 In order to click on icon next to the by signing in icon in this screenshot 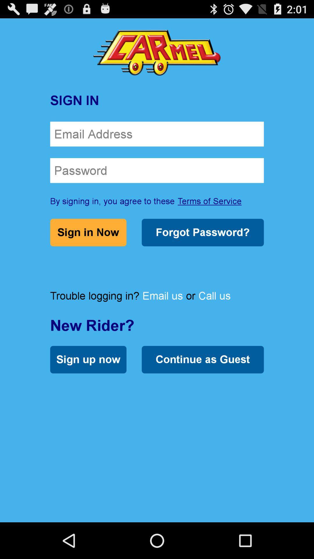, I will do `click(210, 201)`.